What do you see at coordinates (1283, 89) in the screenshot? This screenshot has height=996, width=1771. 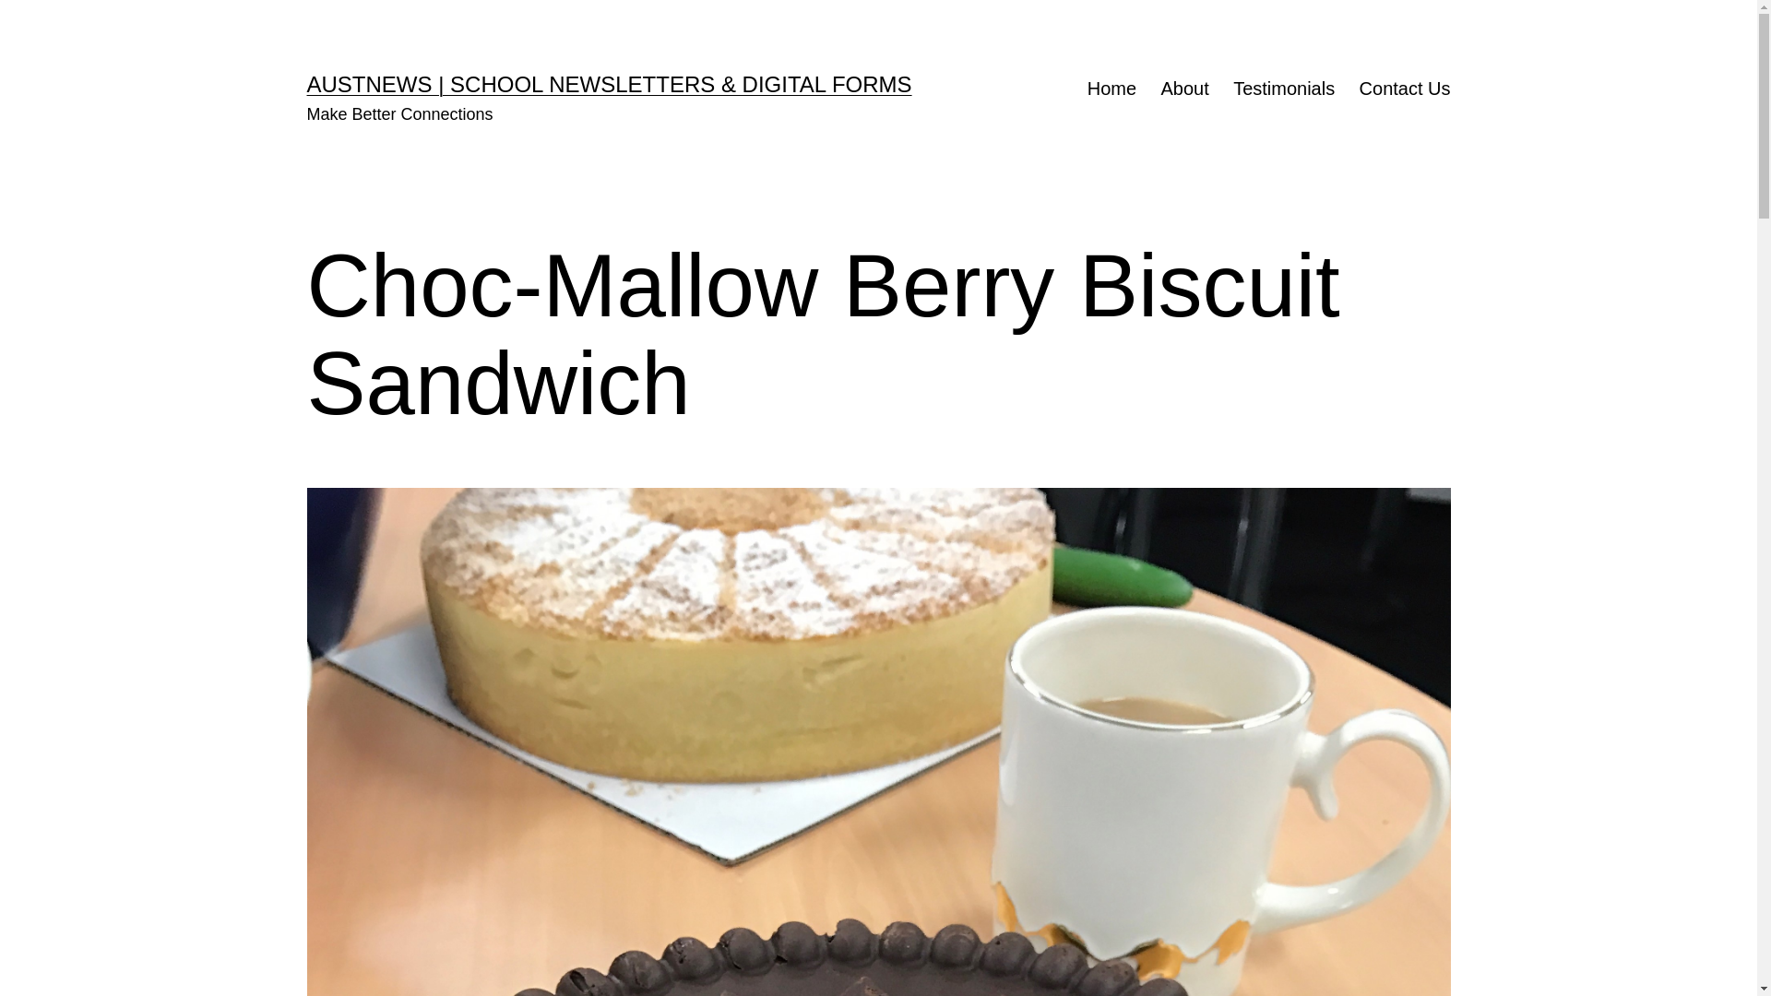 I see `'Testimonials'` at bounding box center [1283, 89].